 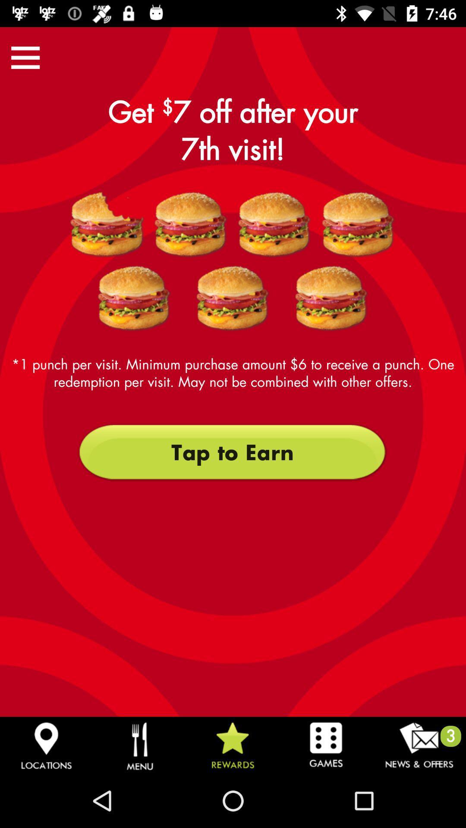 I want to click on the menu icon, so click(x=25, y=57).